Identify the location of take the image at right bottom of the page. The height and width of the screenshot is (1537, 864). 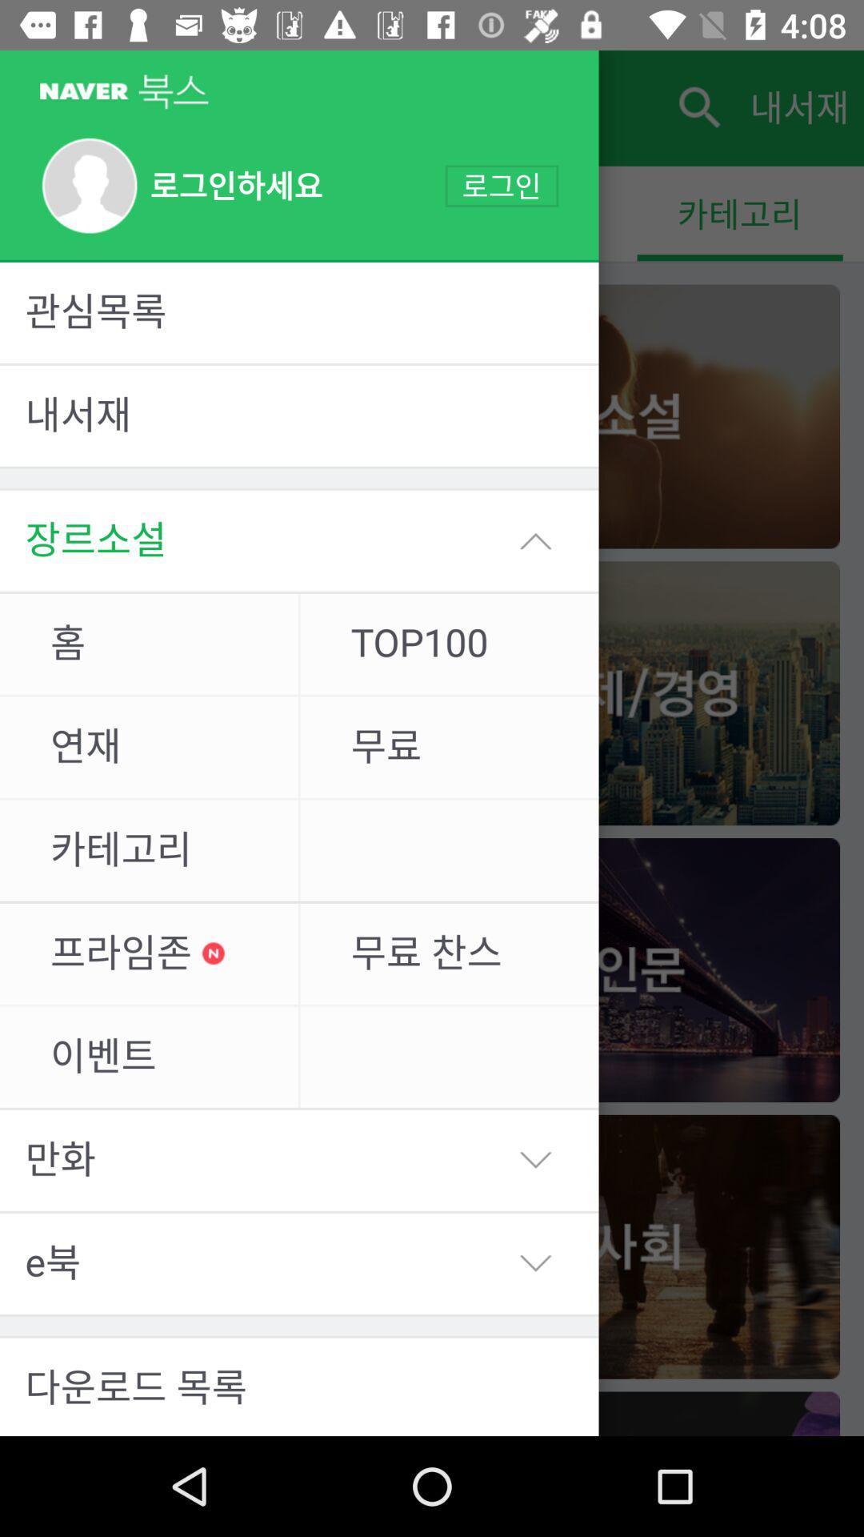
(638, 1414).